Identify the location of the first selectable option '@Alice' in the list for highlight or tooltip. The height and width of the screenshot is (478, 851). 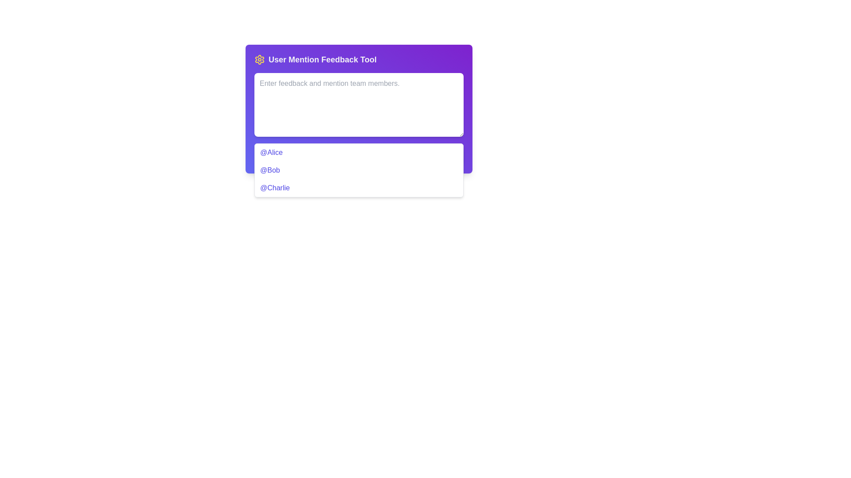
(359, 155).